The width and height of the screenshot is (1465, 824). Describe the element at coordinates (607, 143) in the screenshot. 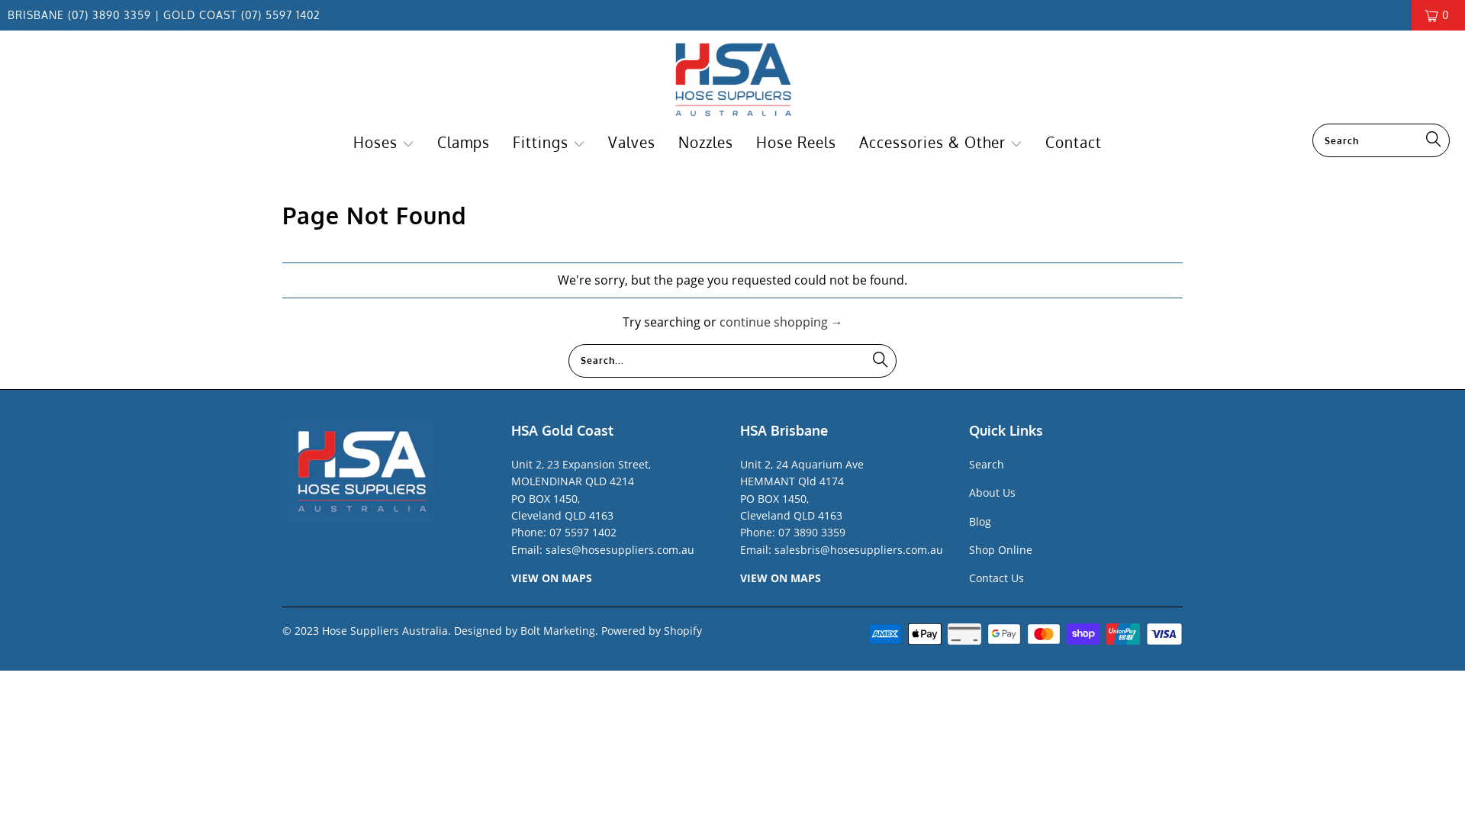

I see `'Valves'` at that location.